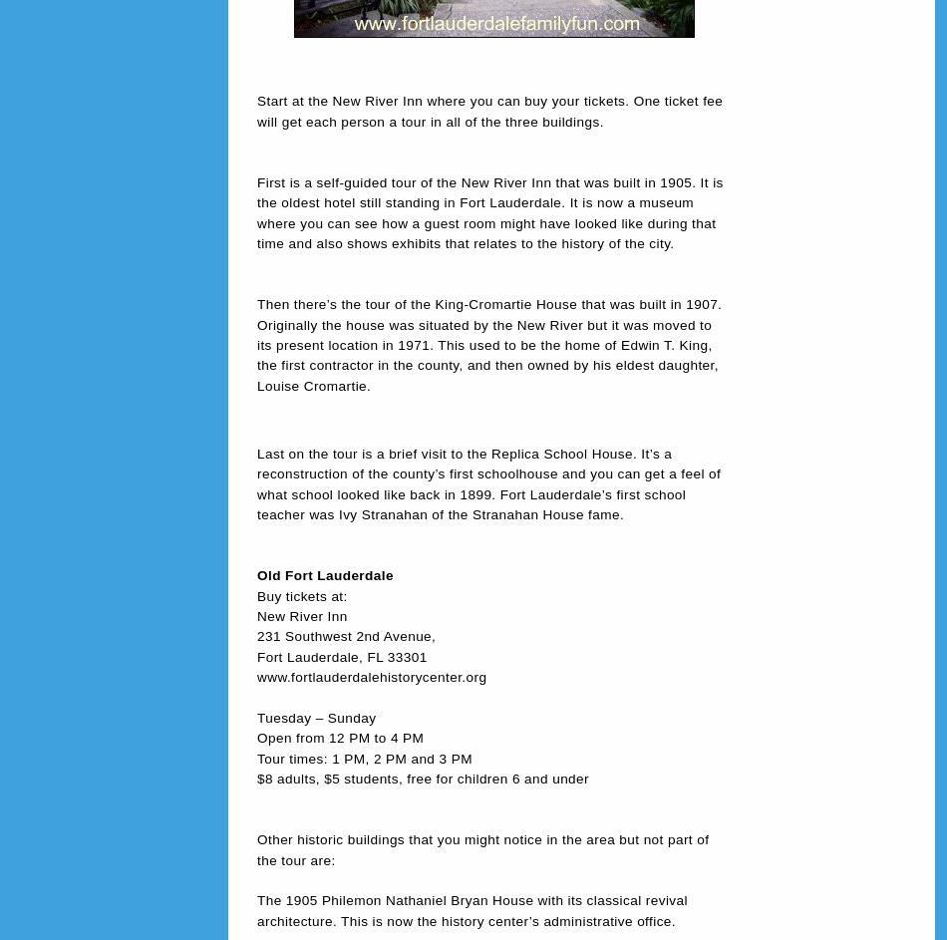 Image resolution: width=947 pixels, height=940 pixels. Describe the element at coordinates (324, 574) in the screenshot. I see `'Old Fort Lauderdale'` at that location.